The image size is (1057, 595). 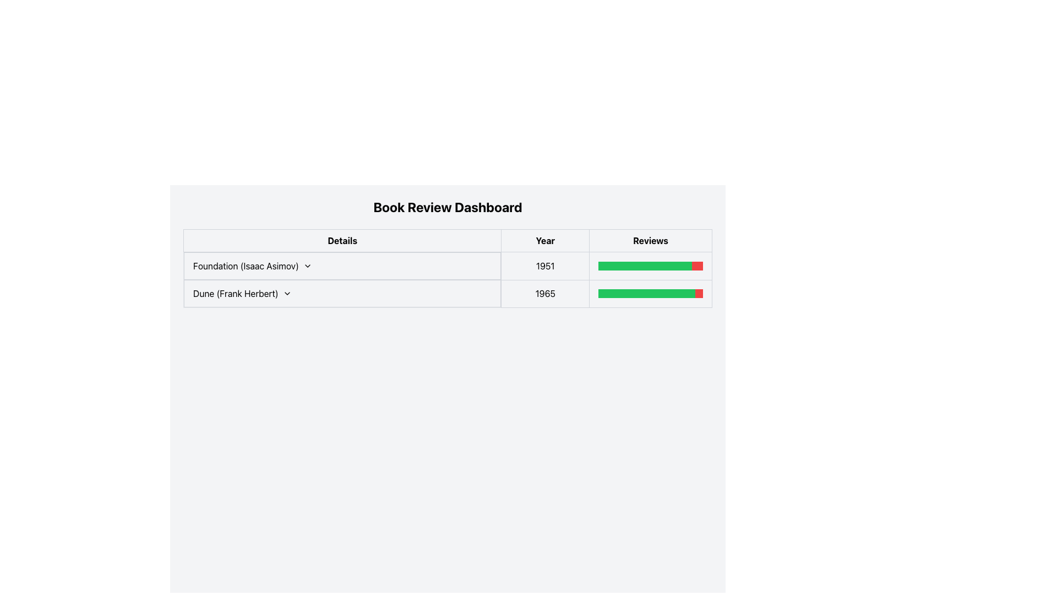 I want to click on the drop-down icon on the right side of the 'Details' column in the second row titled 'Dune (Frank Herbert)', so click(x=287, y=293).